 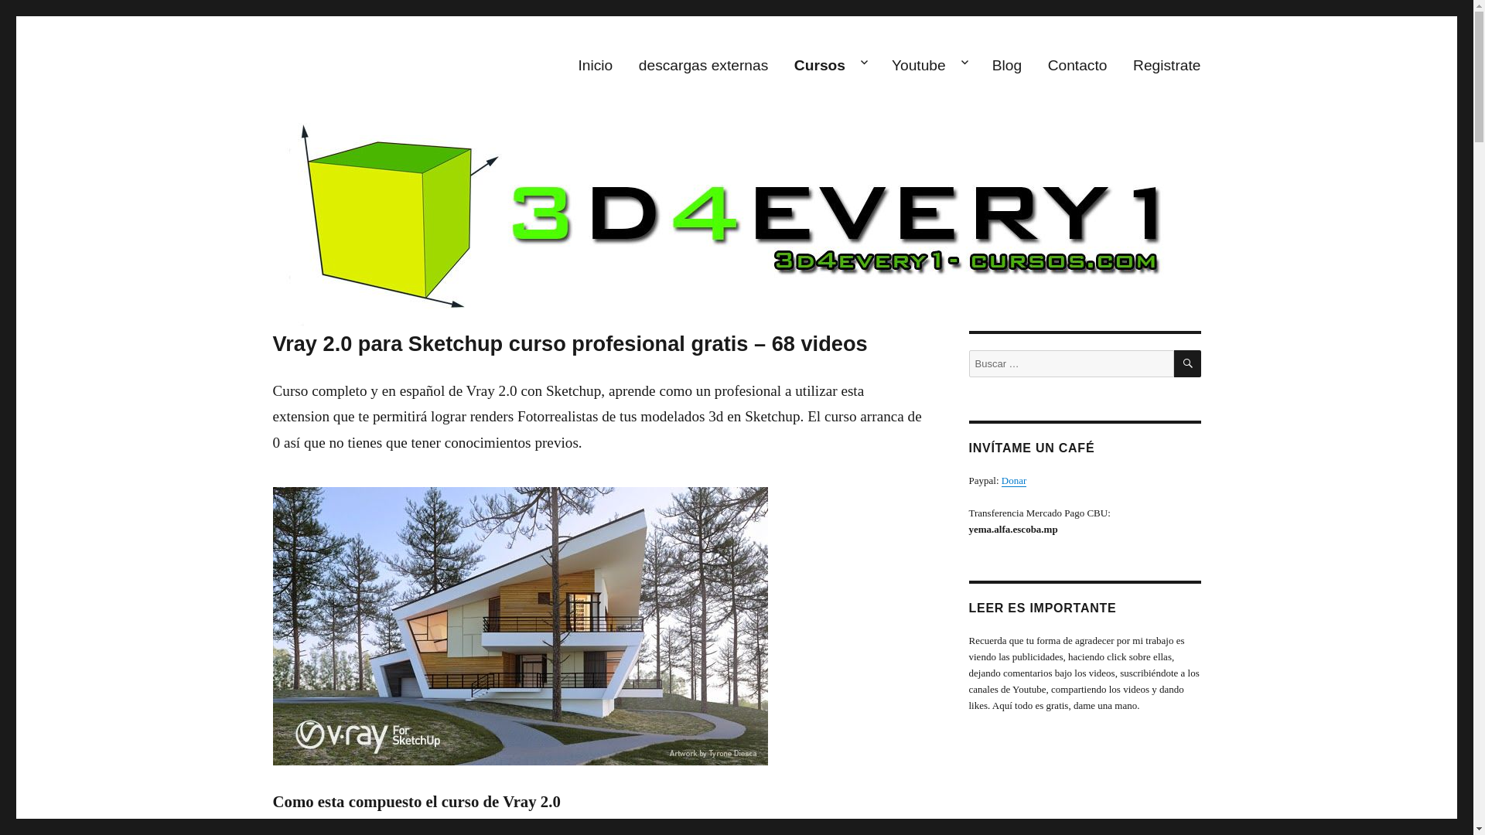 I want to click on 'Youtube', so click(x=928, y=64).